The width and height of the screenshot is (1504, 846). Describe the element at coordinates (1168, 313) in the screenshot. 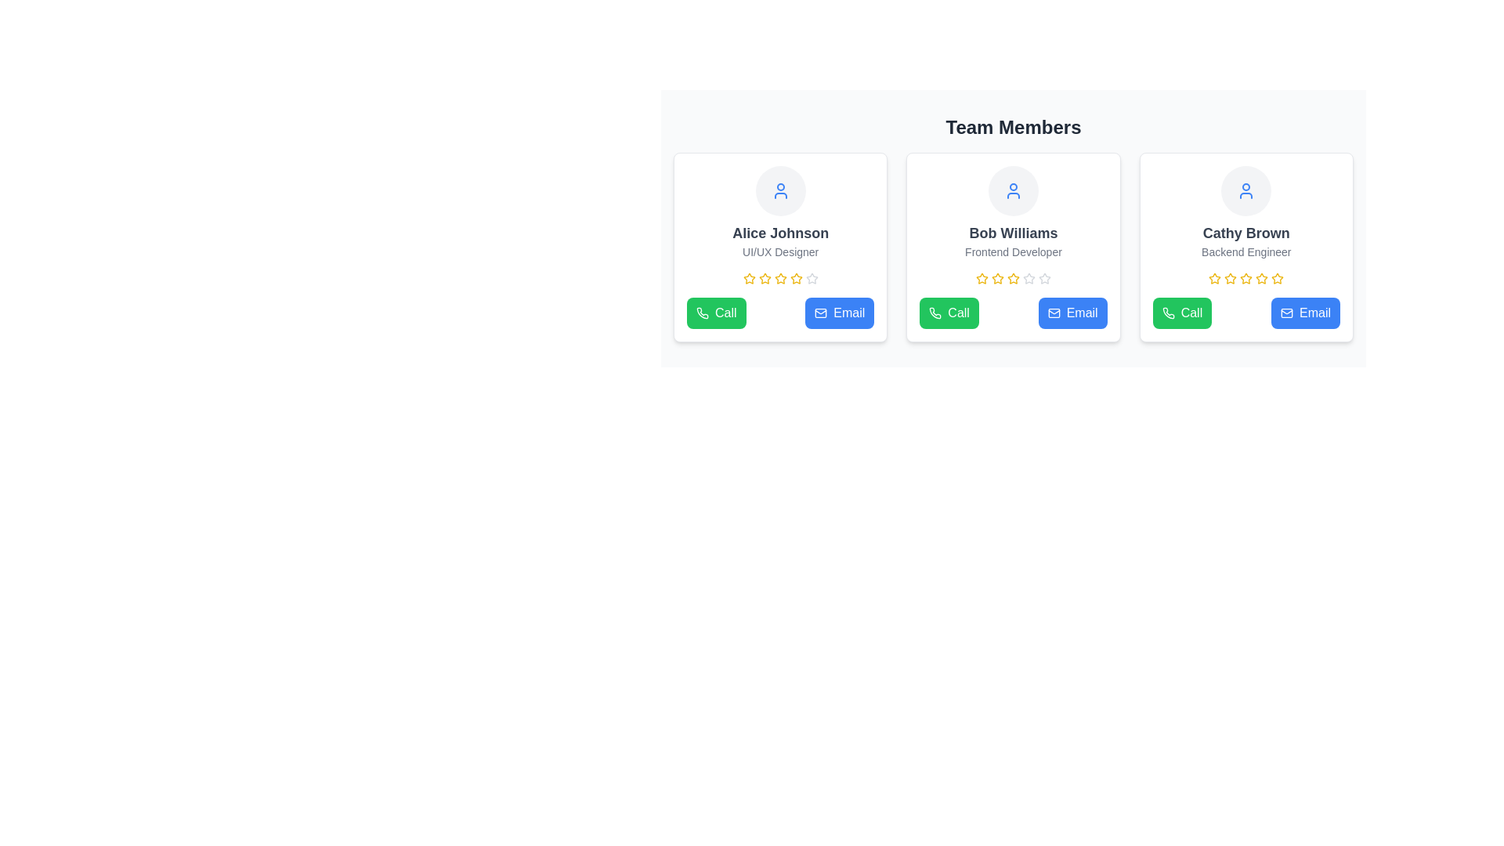

I see `the call icon within the green 'Call' button under the profile card for 'Cathy Brown, Backend Engineer'` at that location.